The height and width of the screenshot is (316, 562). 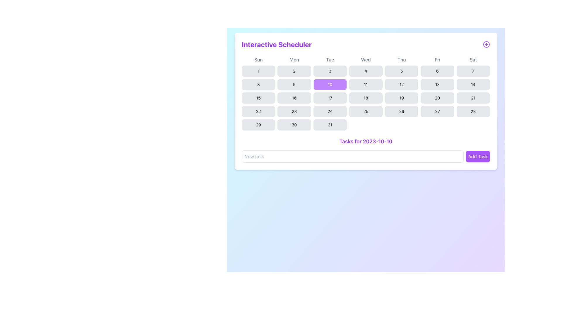 What do you see at coordinates (437, 85) in the screenshot?
I see `the small rectangular button with rounded corners and a light gray background displaying the number '13' in black text, located in the calendar grid of the 'Interactive Scheduler' for the second week on Friday` at bounding box center [437, 85].